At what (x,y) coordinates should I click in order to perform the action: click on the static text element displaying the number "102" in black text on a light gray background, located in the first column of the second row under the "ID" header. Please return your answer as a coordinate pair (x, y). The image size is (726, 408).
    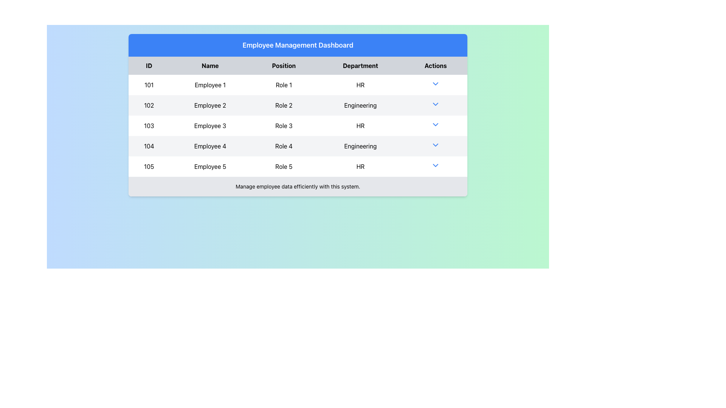
    Looking at the image, I should click on (149, 105).